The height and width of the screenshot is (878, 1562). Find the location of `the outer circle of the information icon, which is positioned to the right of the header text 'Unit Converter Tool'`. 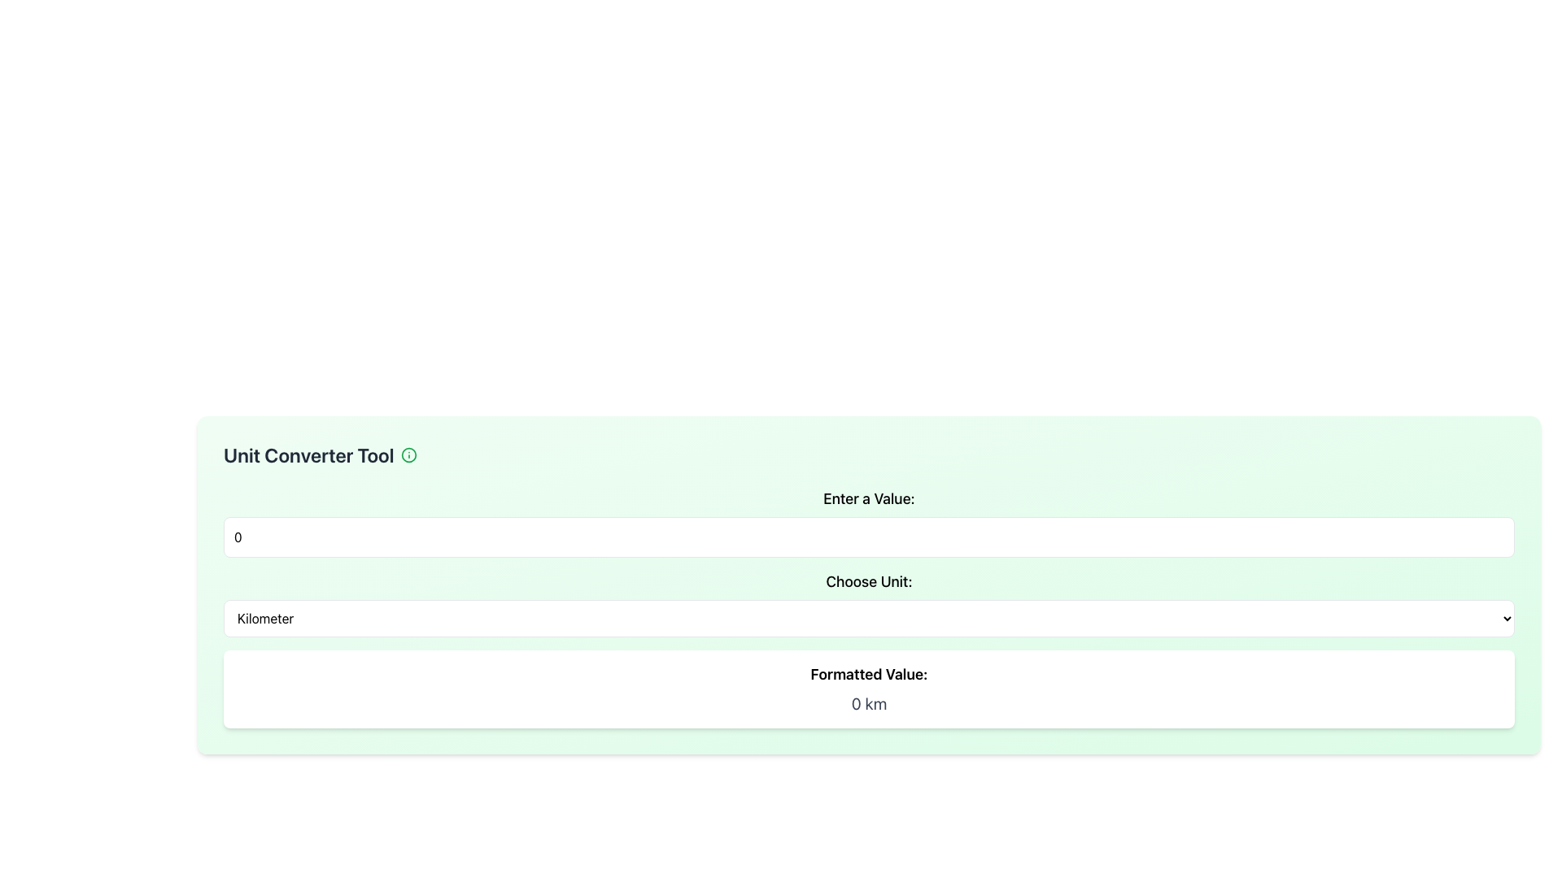

the outer circle of the information icon, which is positioned to the right of the header text 'Unit Converter Tool' is located at coordinates (408, 454).